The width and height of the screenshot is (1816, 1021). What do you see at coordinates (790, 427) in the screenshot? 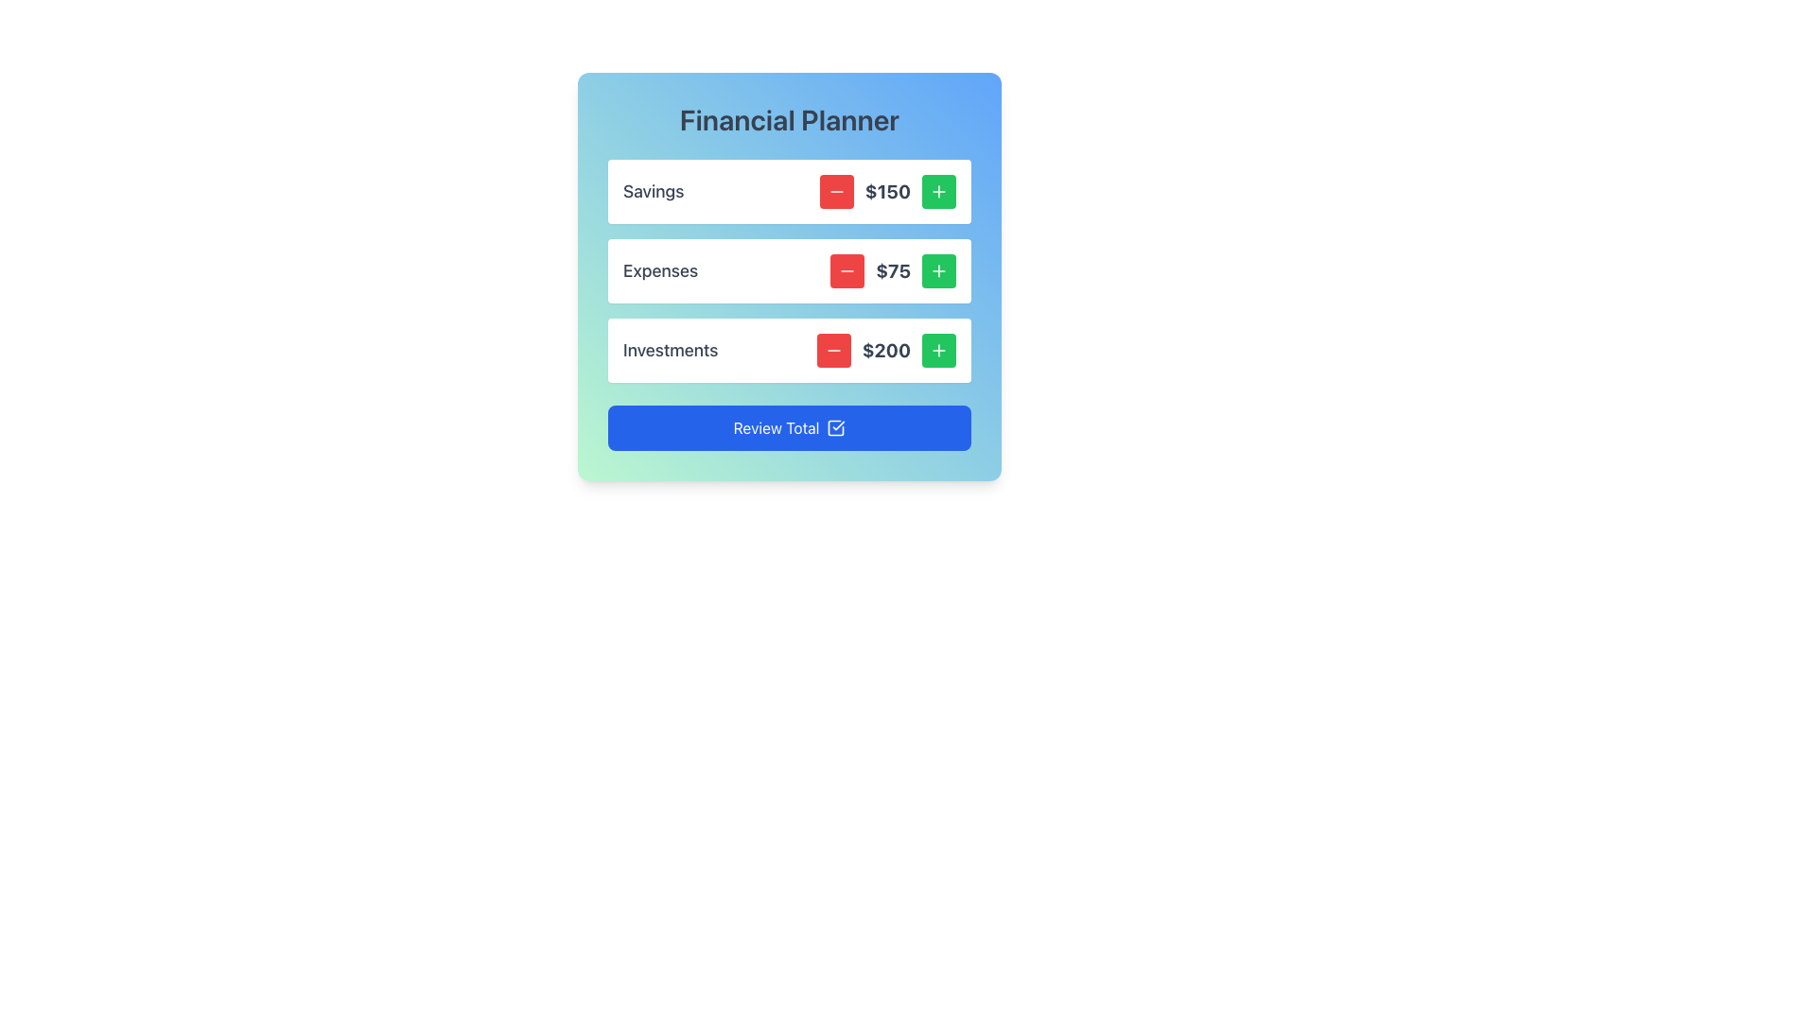
I see `the rectangular blue button labeled 'Review Total' with a checkmark icon at the bottom of the financial planner interface` at bounding box center [790, 427].